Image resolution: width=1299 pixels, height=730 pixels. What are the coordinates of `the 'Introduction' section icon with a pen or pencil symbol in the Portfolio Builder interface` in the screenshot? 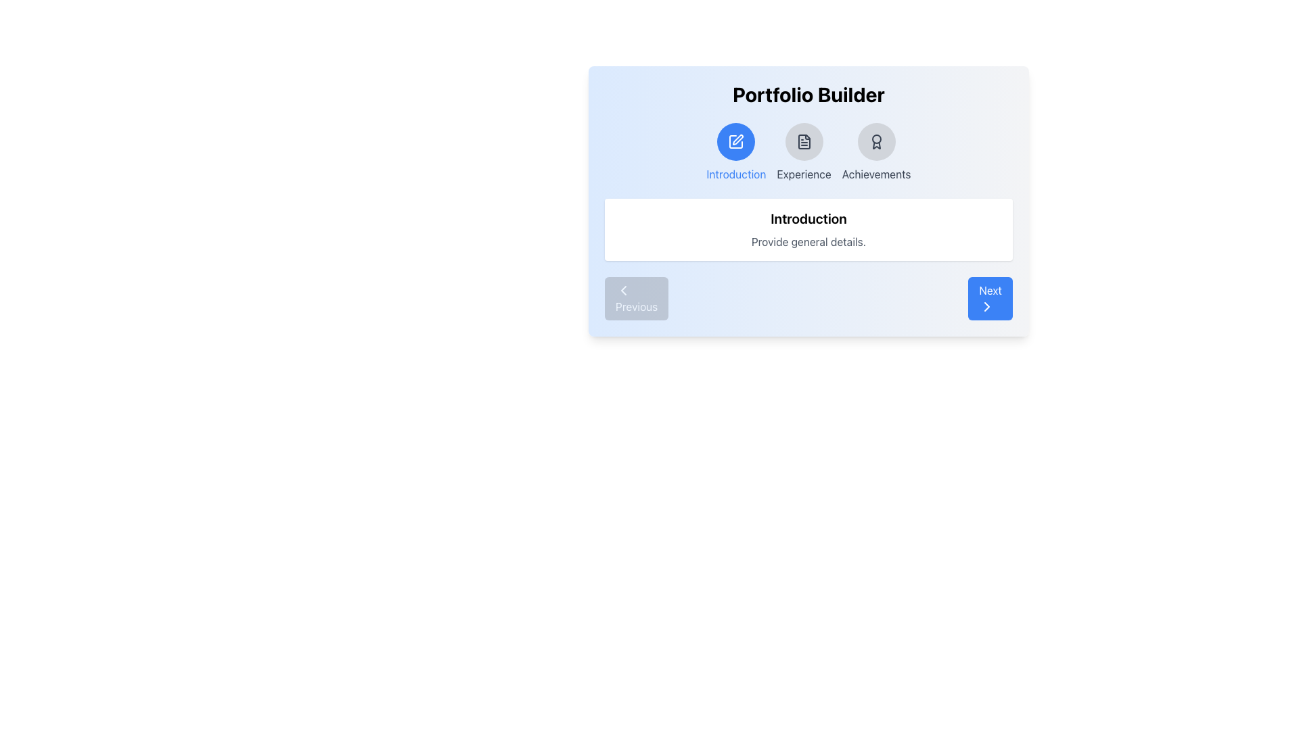 It's located at (735, 141).